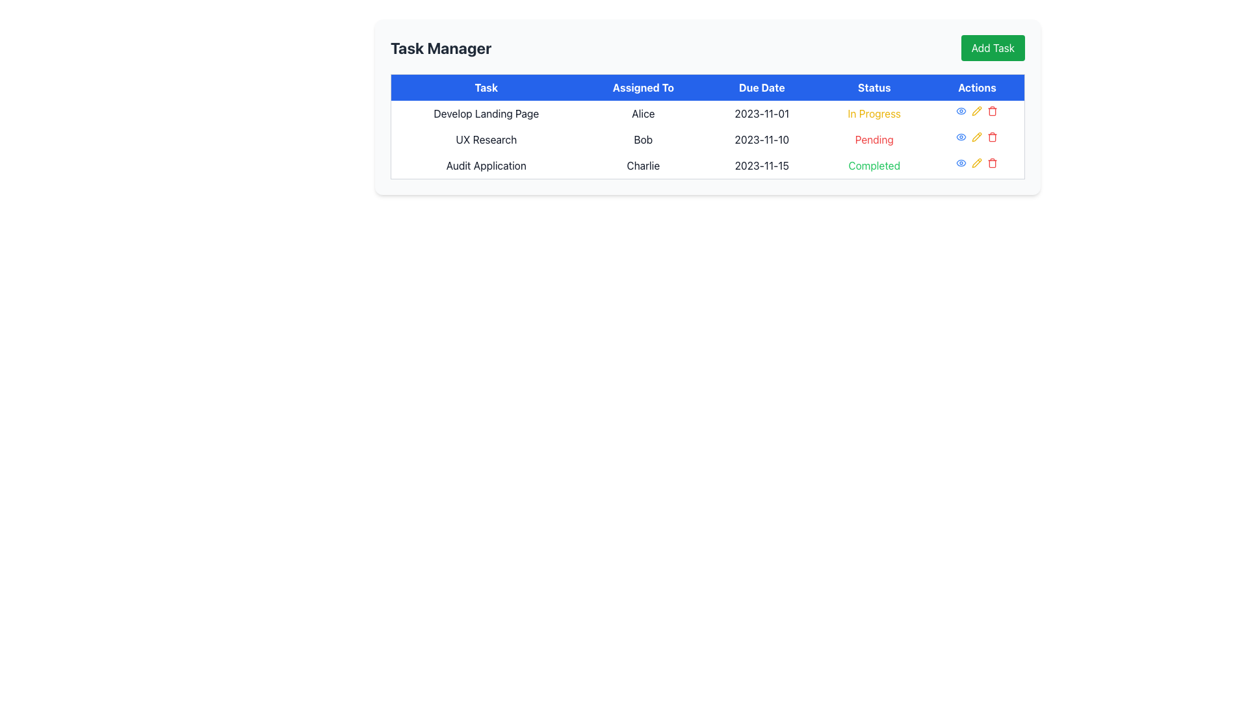  Describe the element at coordinates (977, 87) in the screenshot. I see `the 'Actions' column label located at the top-right corner of the table header row` at that location.